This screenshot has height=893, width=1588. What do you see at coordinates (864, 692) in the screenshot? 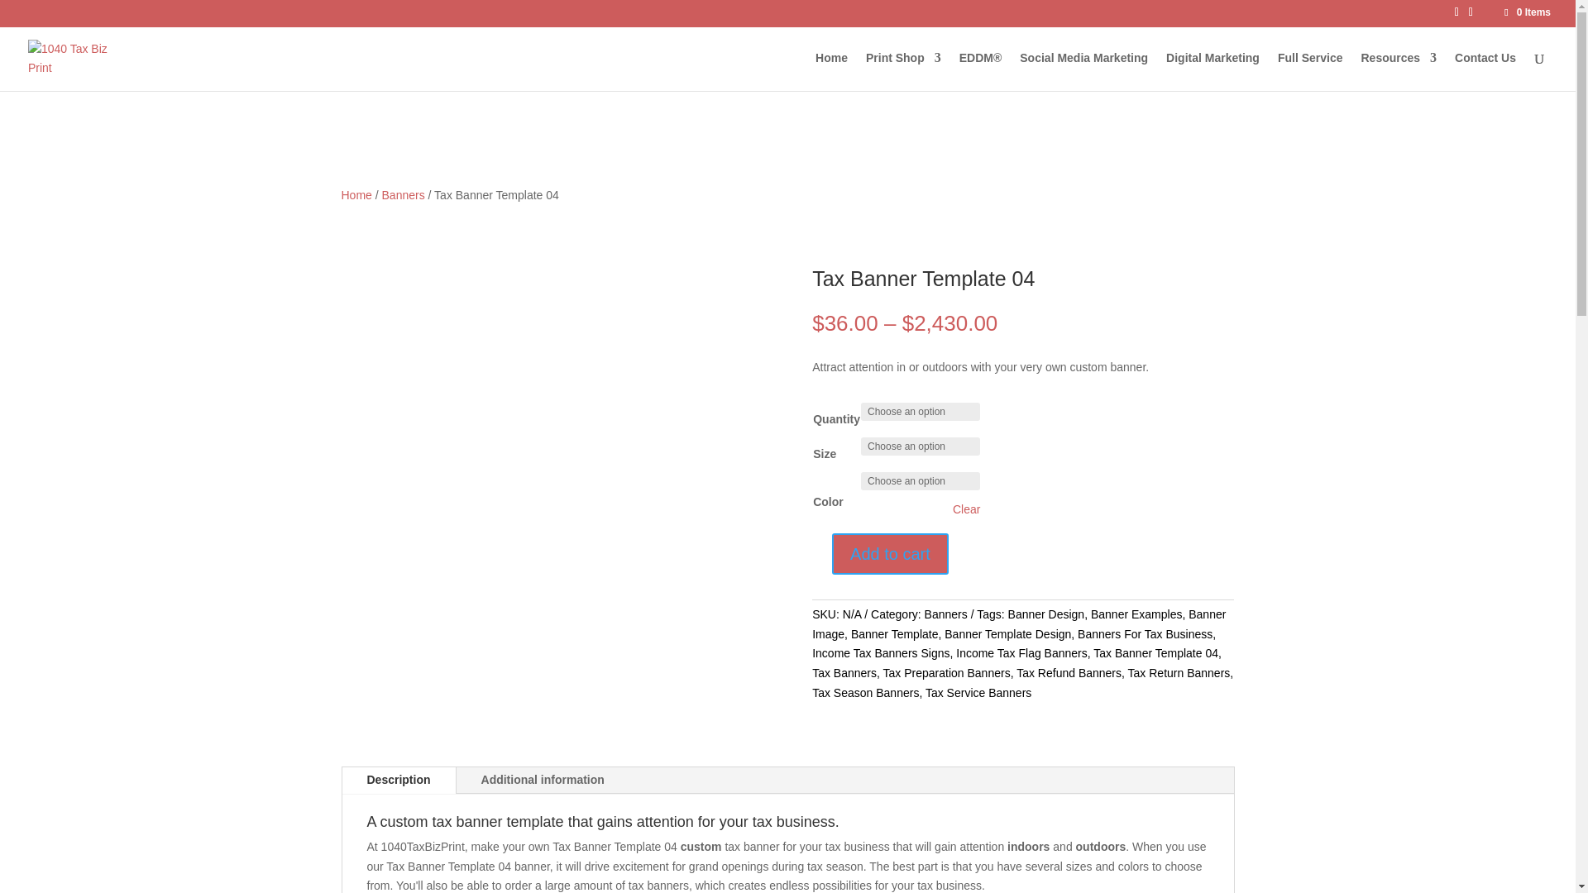
I see `'Tax Season Banners'` at bounding box center [864, 692].